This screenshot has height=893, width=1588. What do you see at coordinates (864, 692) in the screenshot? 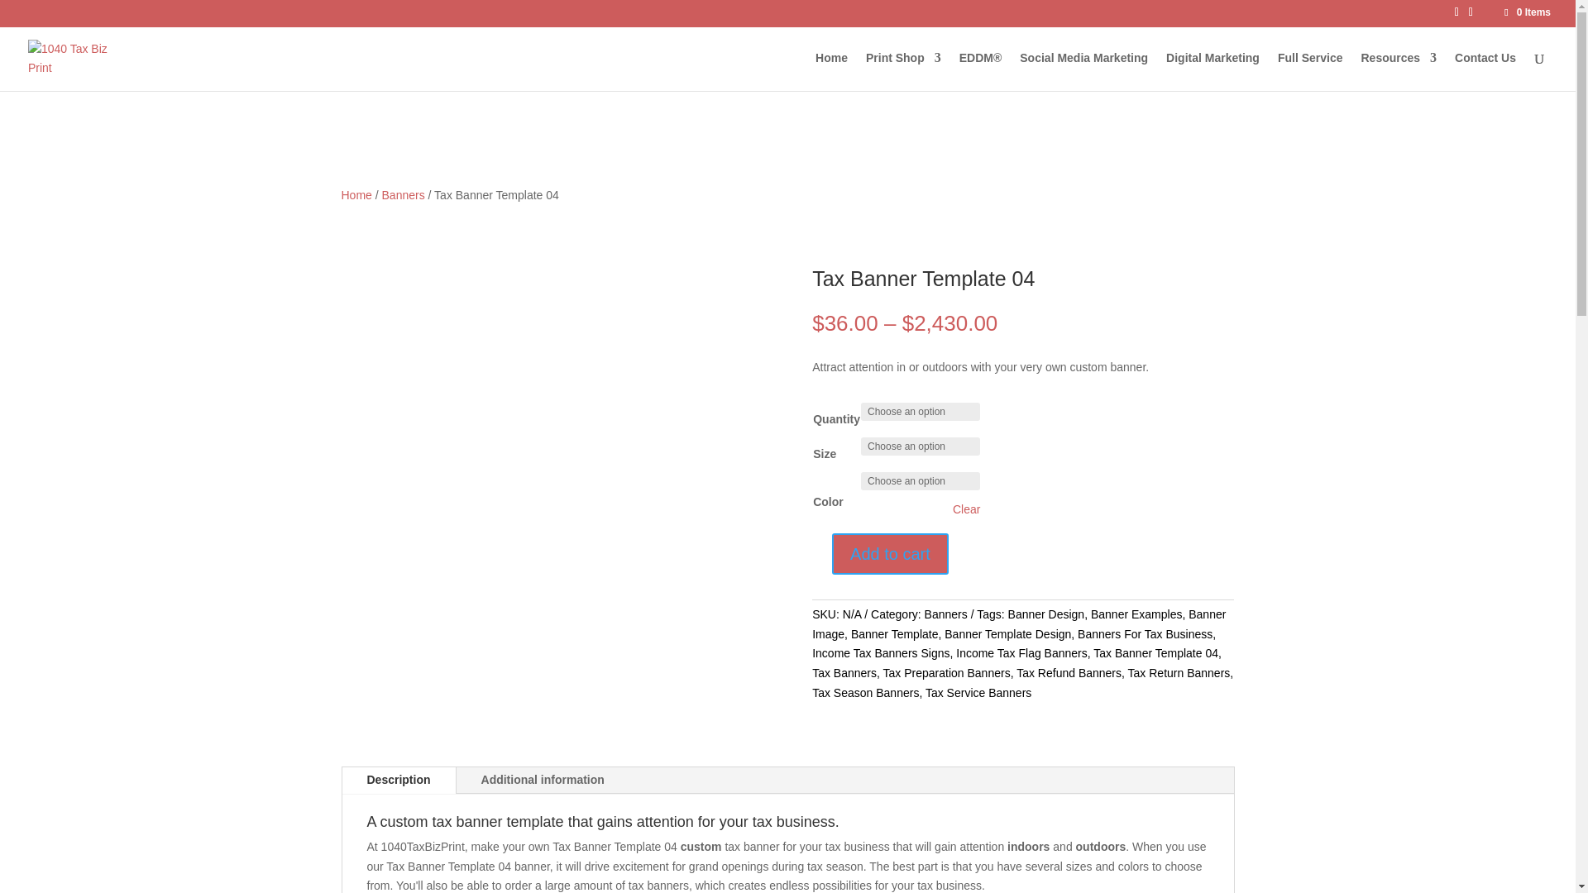
I see `'Tax Season Banners'` at bounding box center [864, 692].